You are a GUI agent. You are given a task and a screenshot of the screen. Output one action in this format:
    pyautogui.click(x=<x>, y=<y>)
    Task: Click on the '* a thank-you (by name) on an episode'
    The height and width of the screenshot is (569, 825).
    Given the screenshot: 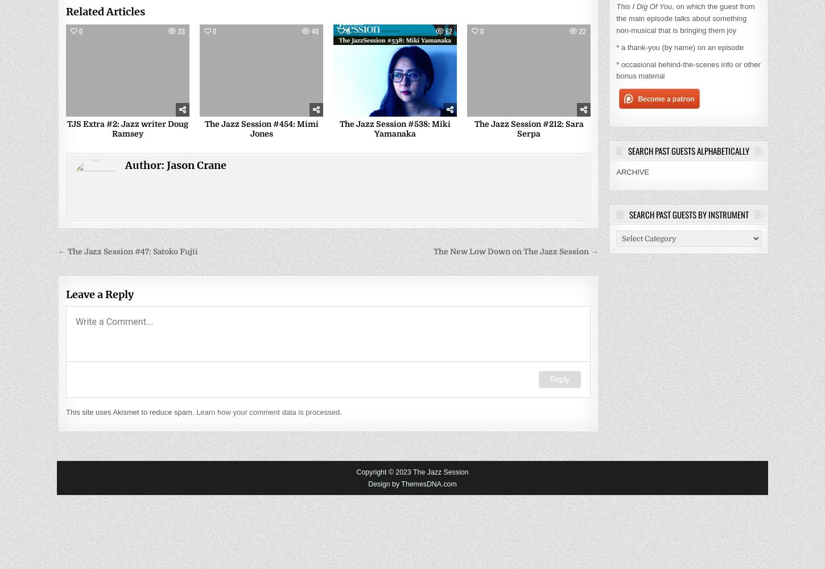 What is the action you would take?
    pyautogui.click(x=679, y=46)
    